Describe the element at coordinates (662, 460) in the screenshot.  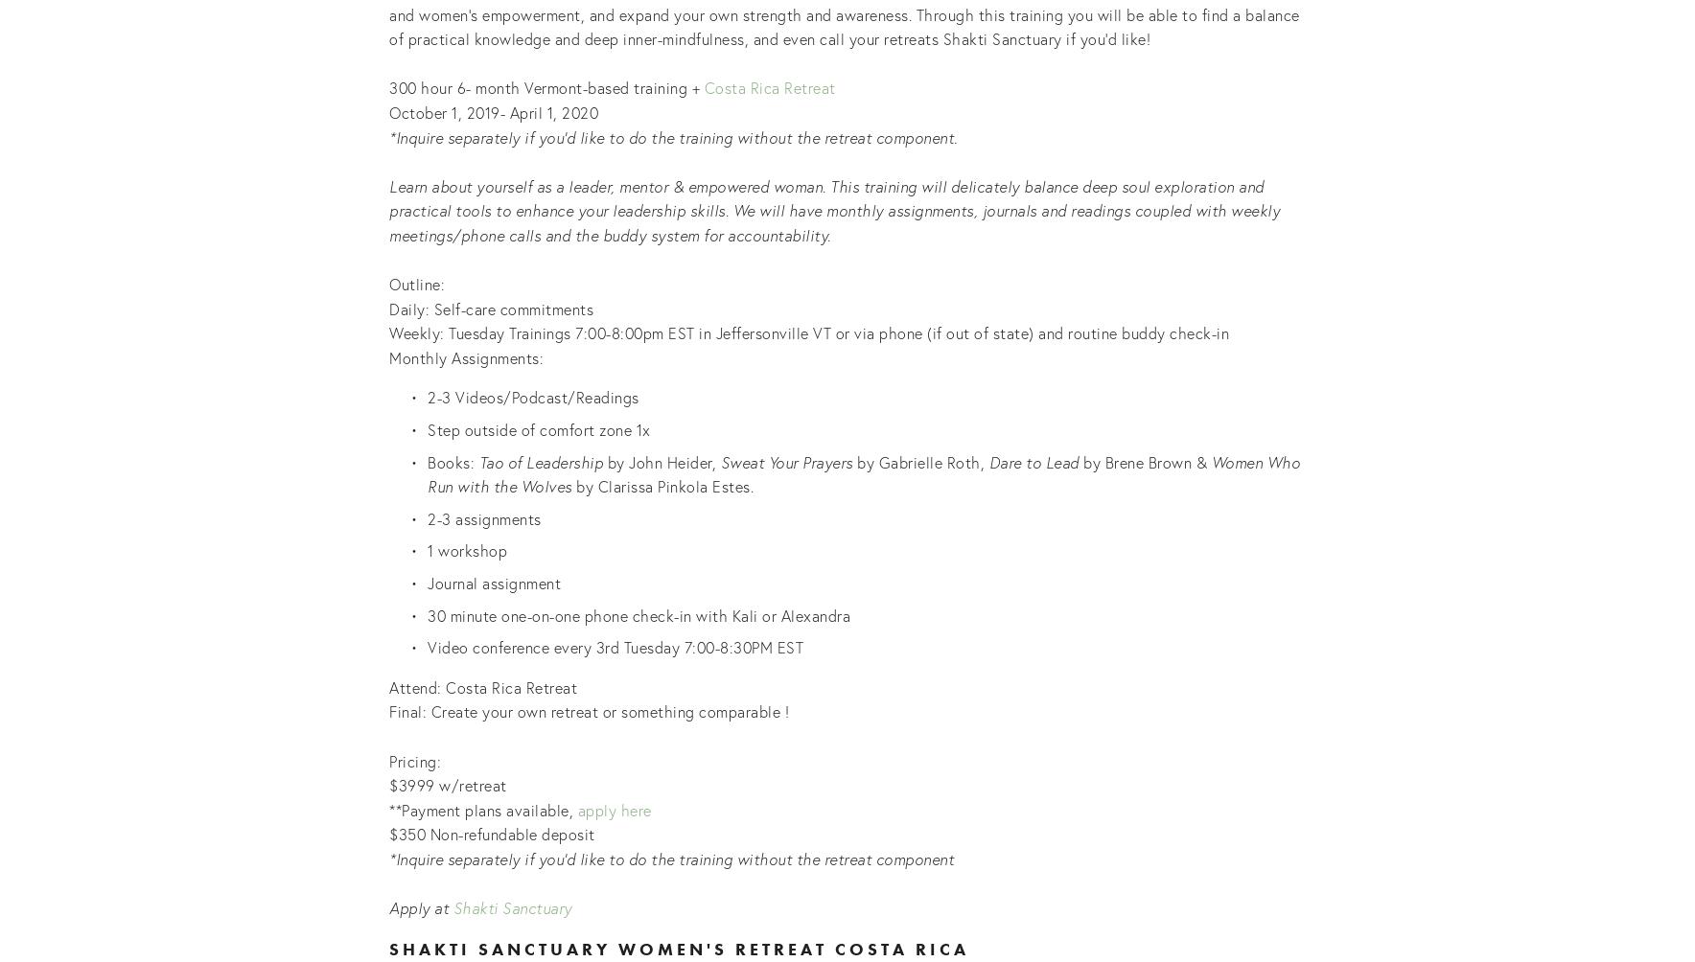
I see `'by John Heider,'` at that location.